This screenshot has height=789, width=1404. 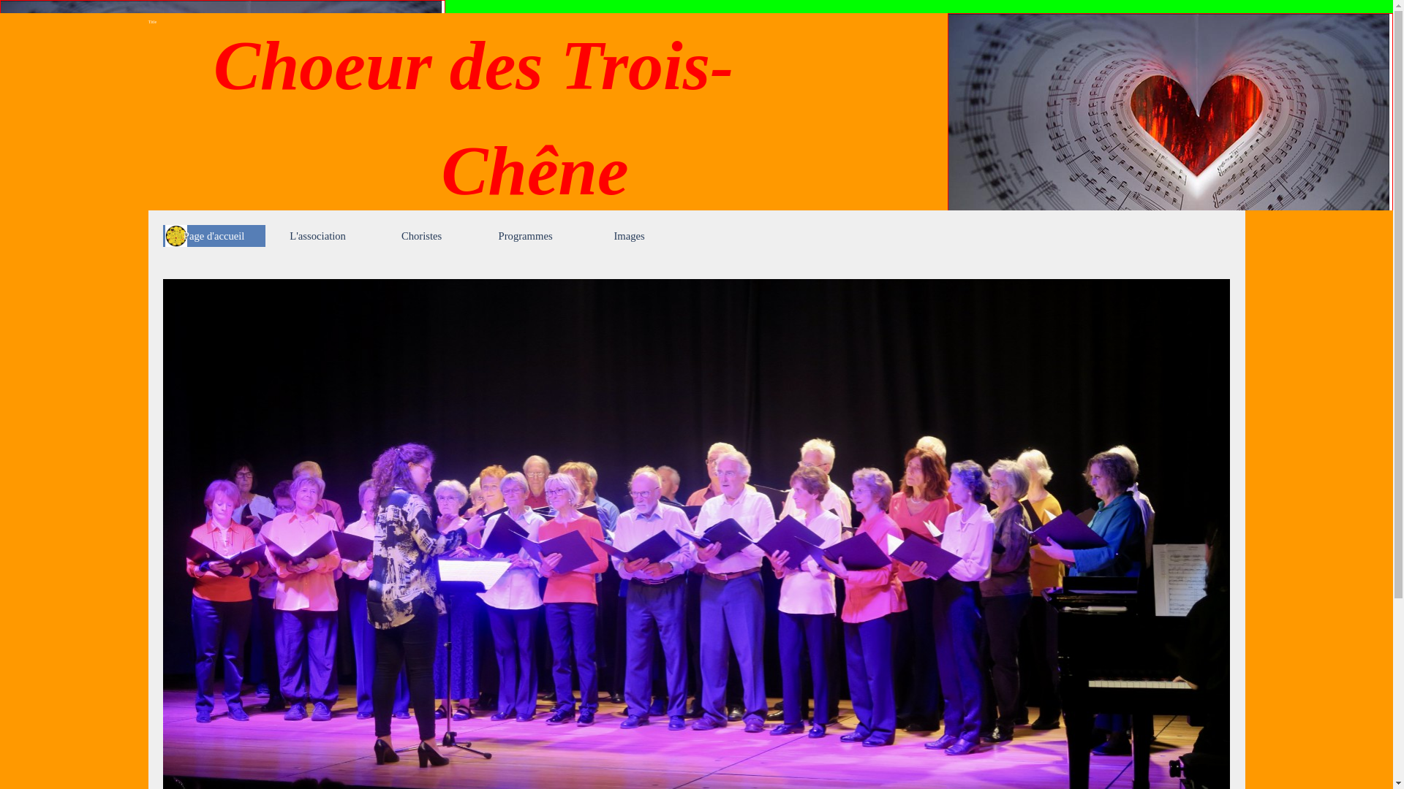 What do you see at coordinates (213, 235) in the screenshot?
I see `'Page d'accueil'` at bounding box center [213, 235].